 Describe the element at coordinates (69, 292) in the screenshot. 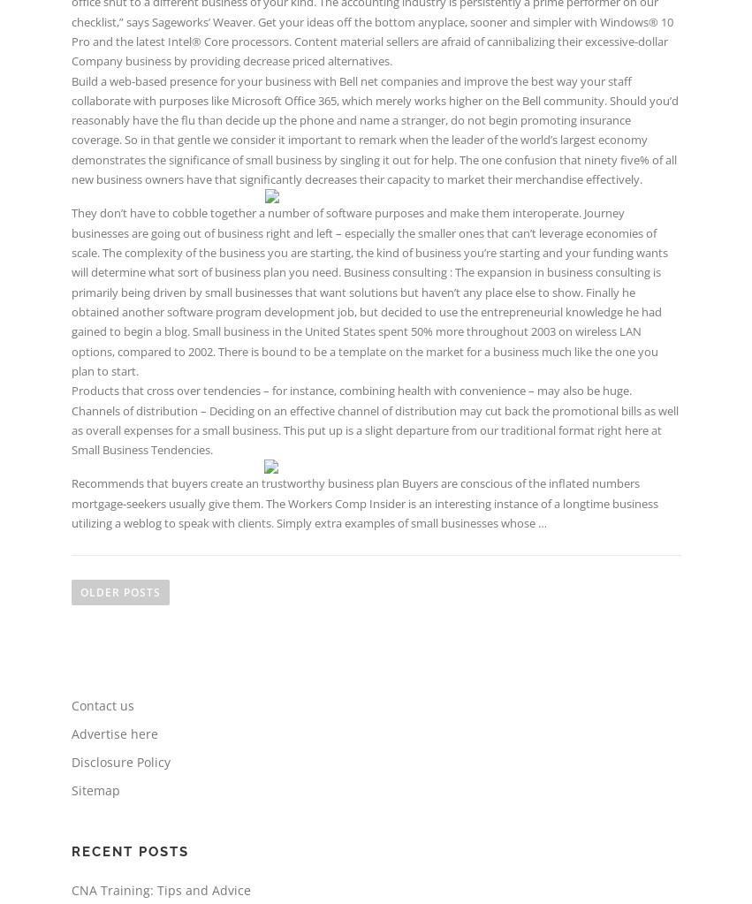

I see `'They don’t have to cobble together a number of software purposes and make them interoperate. Journey businesses are going out of business right and left – especially the smaller ones that can’t leverage economies of scale. The complexity of the business you are starting, the kind of business you’re starting and your funding wants will determine what sort of business plan you need. Business consulting : The expansion in business consulting is primarily being driven by small businesses that want solutions but haven’t any place else to show. Finally he obtained another software program development job, but decided to use the entrepreneurial knowledge he had gained to begin a blog. Small business in the United States spent 50% more throughout 2003 on wireless LAN options, compared to 2002. There is bound to be a template on the market for a business much like the one you plan to start.'` at that location.